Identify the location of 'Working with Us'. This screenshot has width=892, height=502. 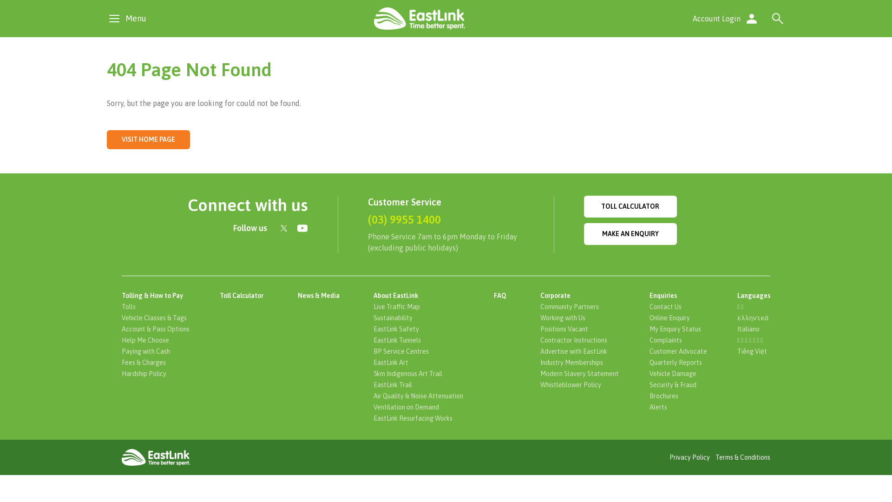
(566, 317).